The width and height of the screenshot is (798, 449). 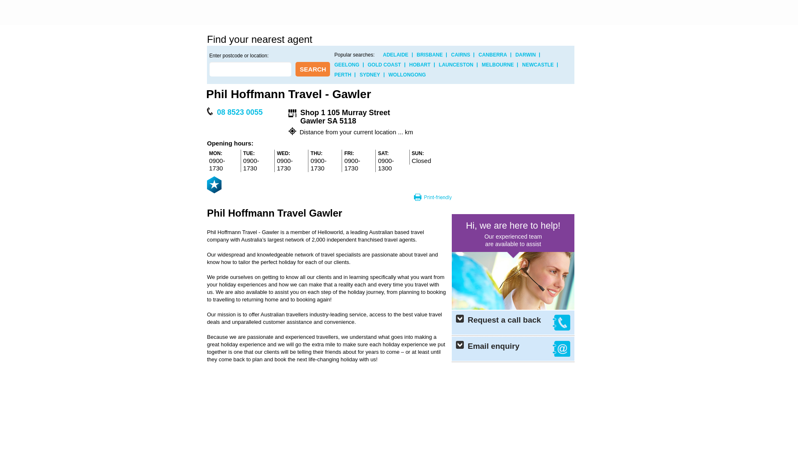 I want to click on 'Request a call back', so click(x=512, y=322).